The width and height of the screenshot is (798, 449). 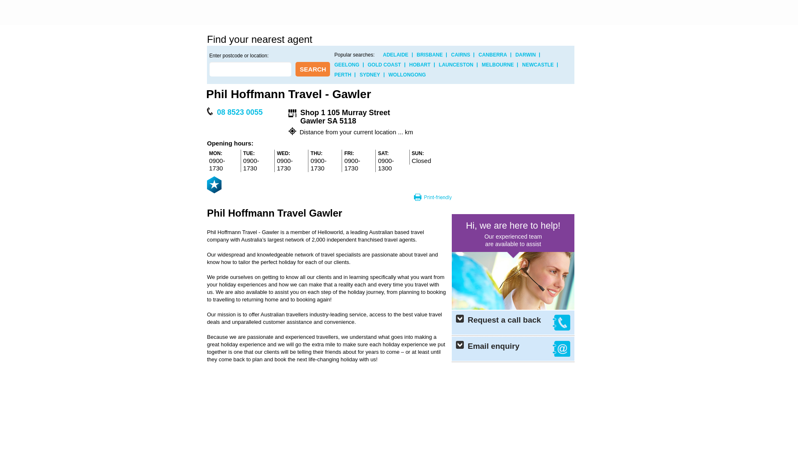 I want to click on 'Request a call back', so click(x=512, y=322).